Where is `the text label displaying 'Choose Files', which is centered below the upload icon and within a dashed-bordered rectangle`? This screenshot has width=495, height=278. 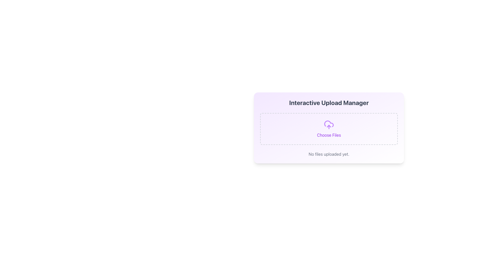
the text label displaying 'Choose Files', which is centered below the upload icon and within a dashed-bordered rectangle is located at coordinates (329, 135).